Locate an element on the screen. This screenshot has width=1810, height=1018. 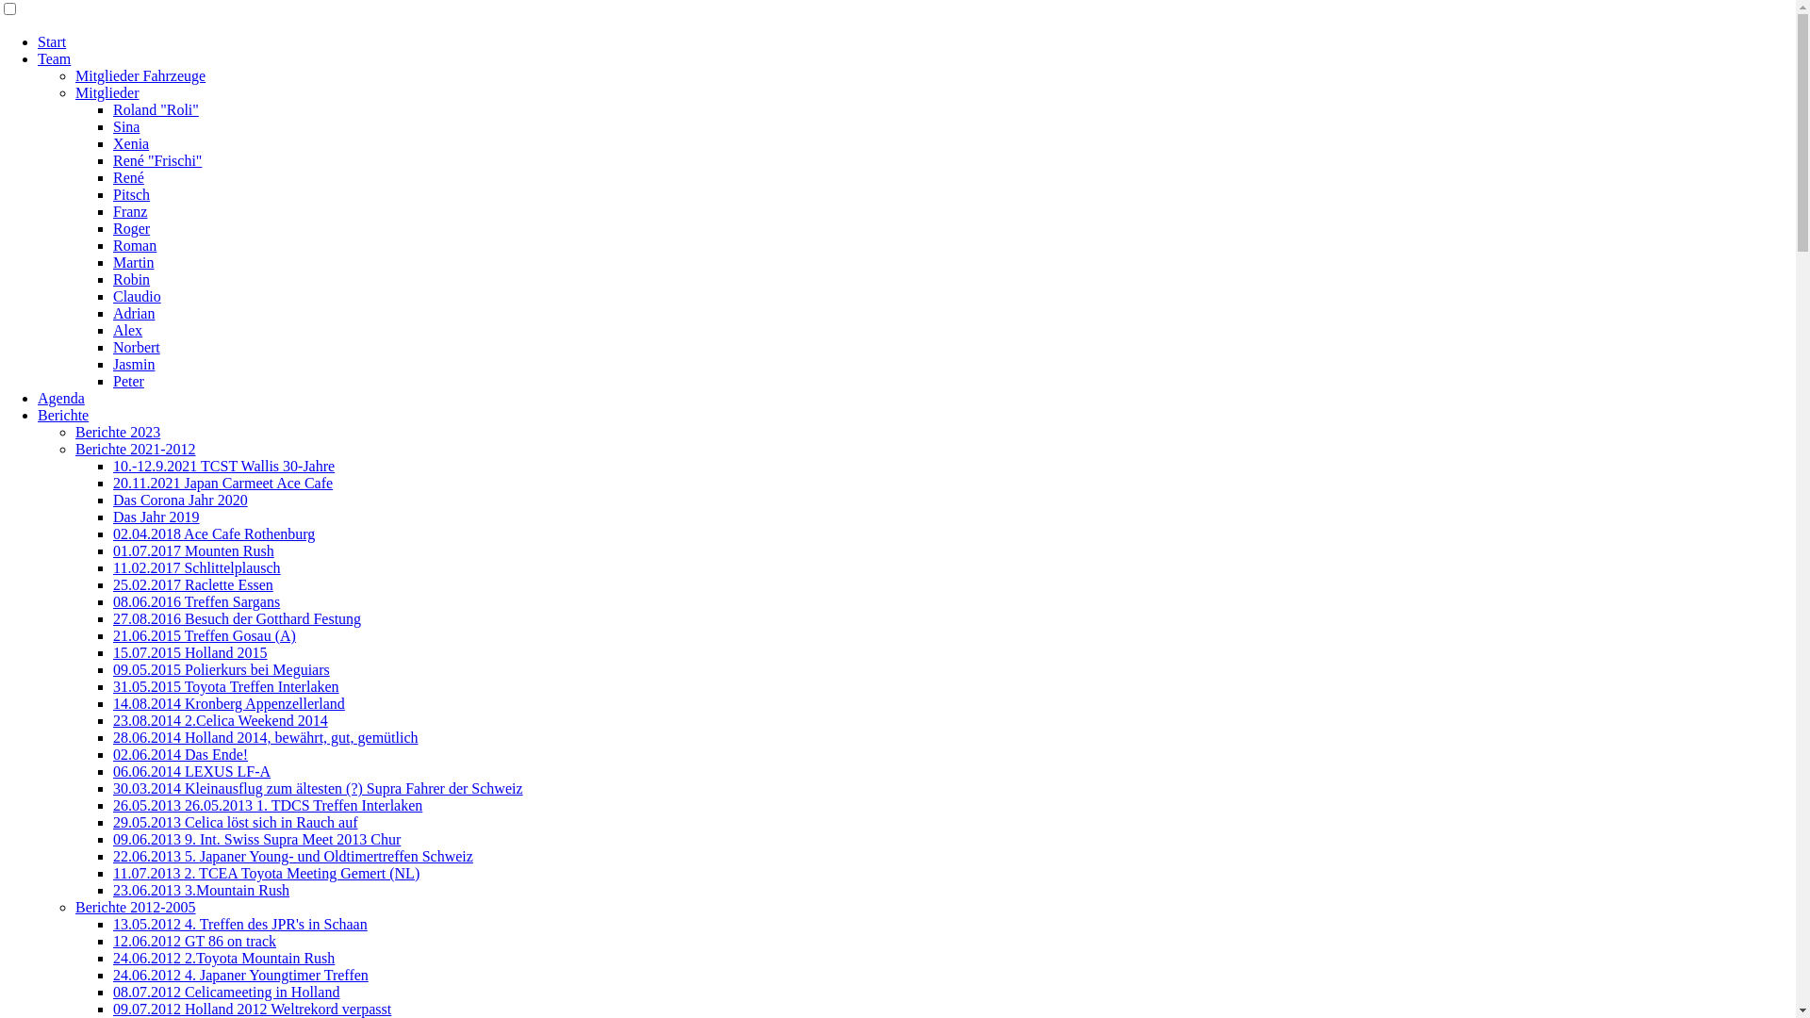
'31.05.2015 Toyota Treffen Interlaken' is located at coordinates (226, 686).